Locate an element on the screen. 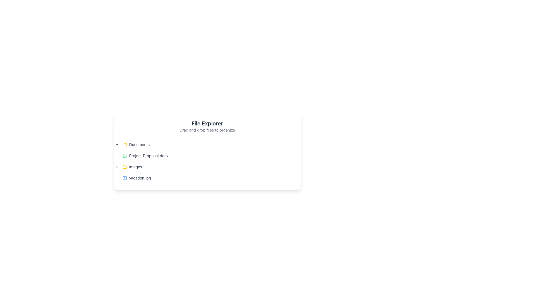 Image resolution: width=536 pixels, height=301 pixels. the prominent heading element displaying 'File Explorer' in bold, large-sized dark gray font is located at coordinates (207, 123).